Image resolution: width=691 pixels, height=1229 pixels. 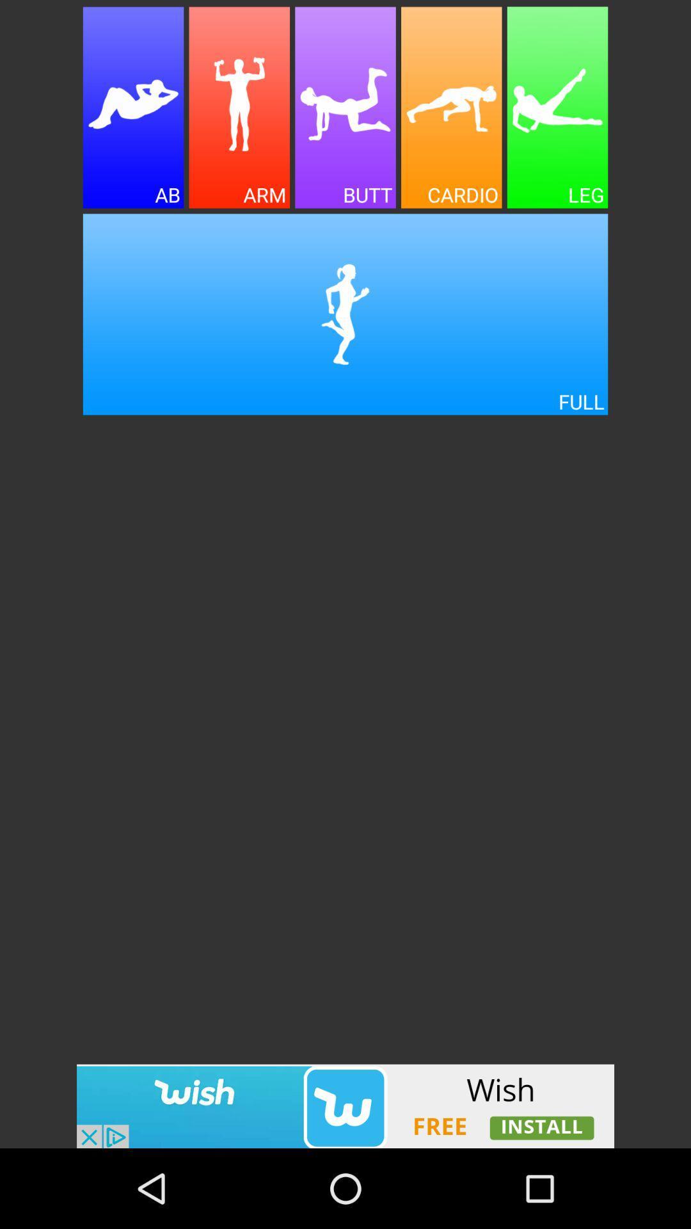 I want to click on advertisement, so click(x=450, y=108).